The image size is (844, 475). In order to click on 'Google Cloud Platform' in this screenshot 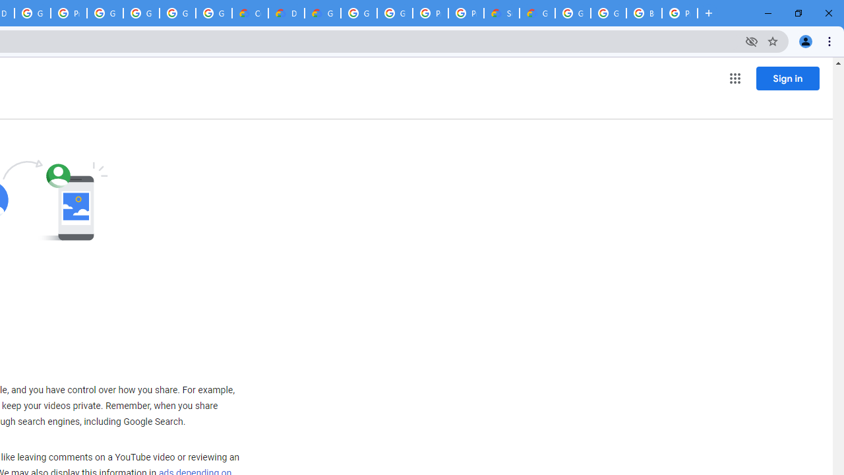, I will do `click(394, 13)`.